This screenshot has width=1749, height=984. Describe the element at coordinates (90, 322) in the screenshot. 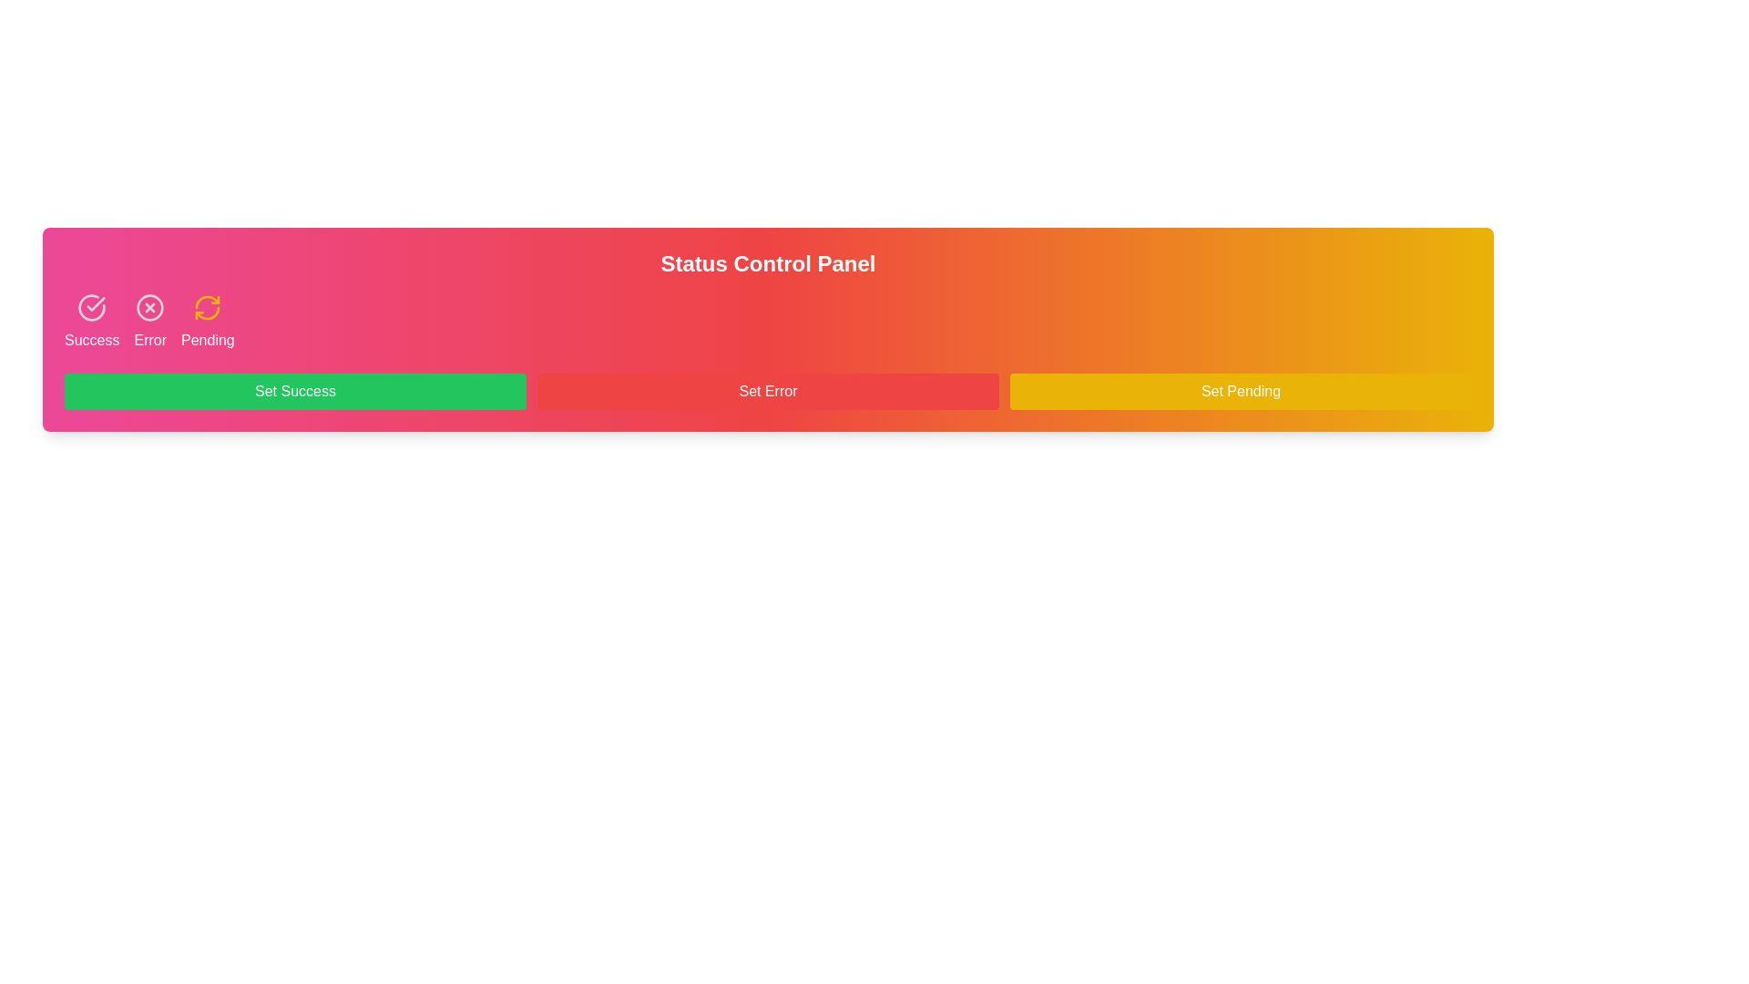

I see `the Status indicator, which is a vertically oriented component with a checkmark inside a circle located above the text 'Success'` at that location.